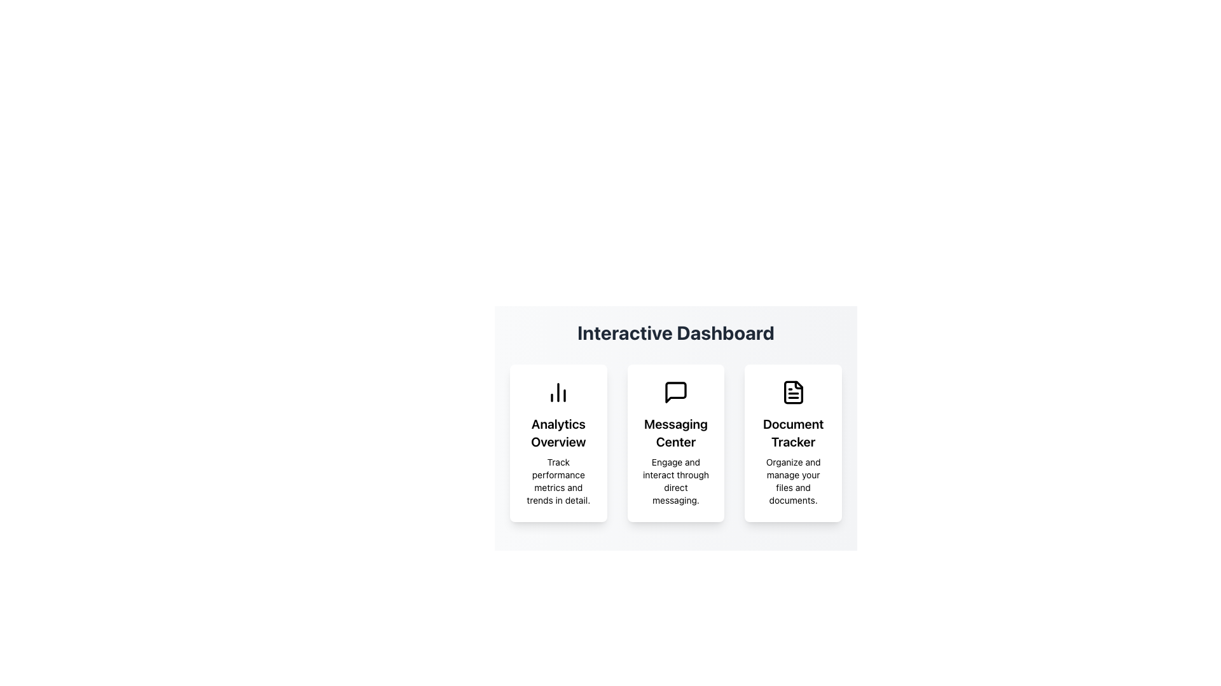 The image size is (1221, 686). I want to click on descriptive text about the 'Analytics Overview' section located beneath the title text in the leftmost card of the dashboard, so click(558, 481).